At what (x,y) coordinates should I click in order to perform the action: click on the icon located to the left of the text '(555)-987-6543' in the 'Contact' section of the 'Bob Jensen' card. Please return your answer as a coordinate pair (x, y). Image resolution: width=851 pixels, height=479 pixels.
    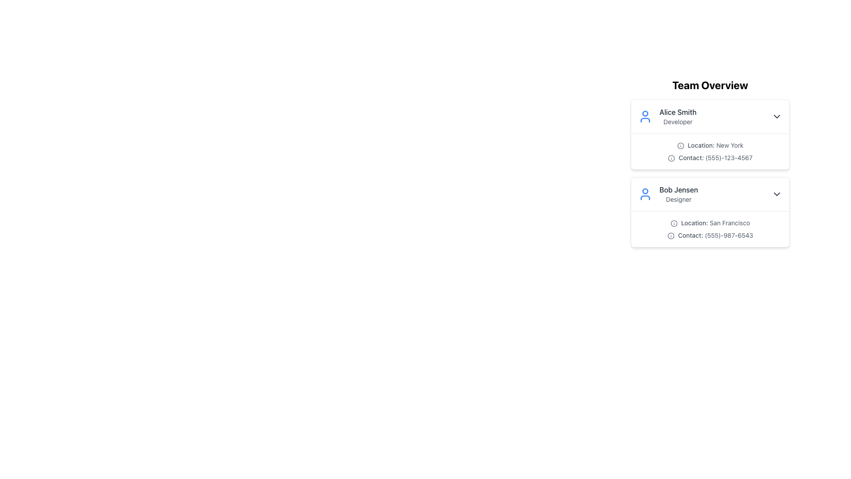
    Looking at the image, I should click on (671, 236).